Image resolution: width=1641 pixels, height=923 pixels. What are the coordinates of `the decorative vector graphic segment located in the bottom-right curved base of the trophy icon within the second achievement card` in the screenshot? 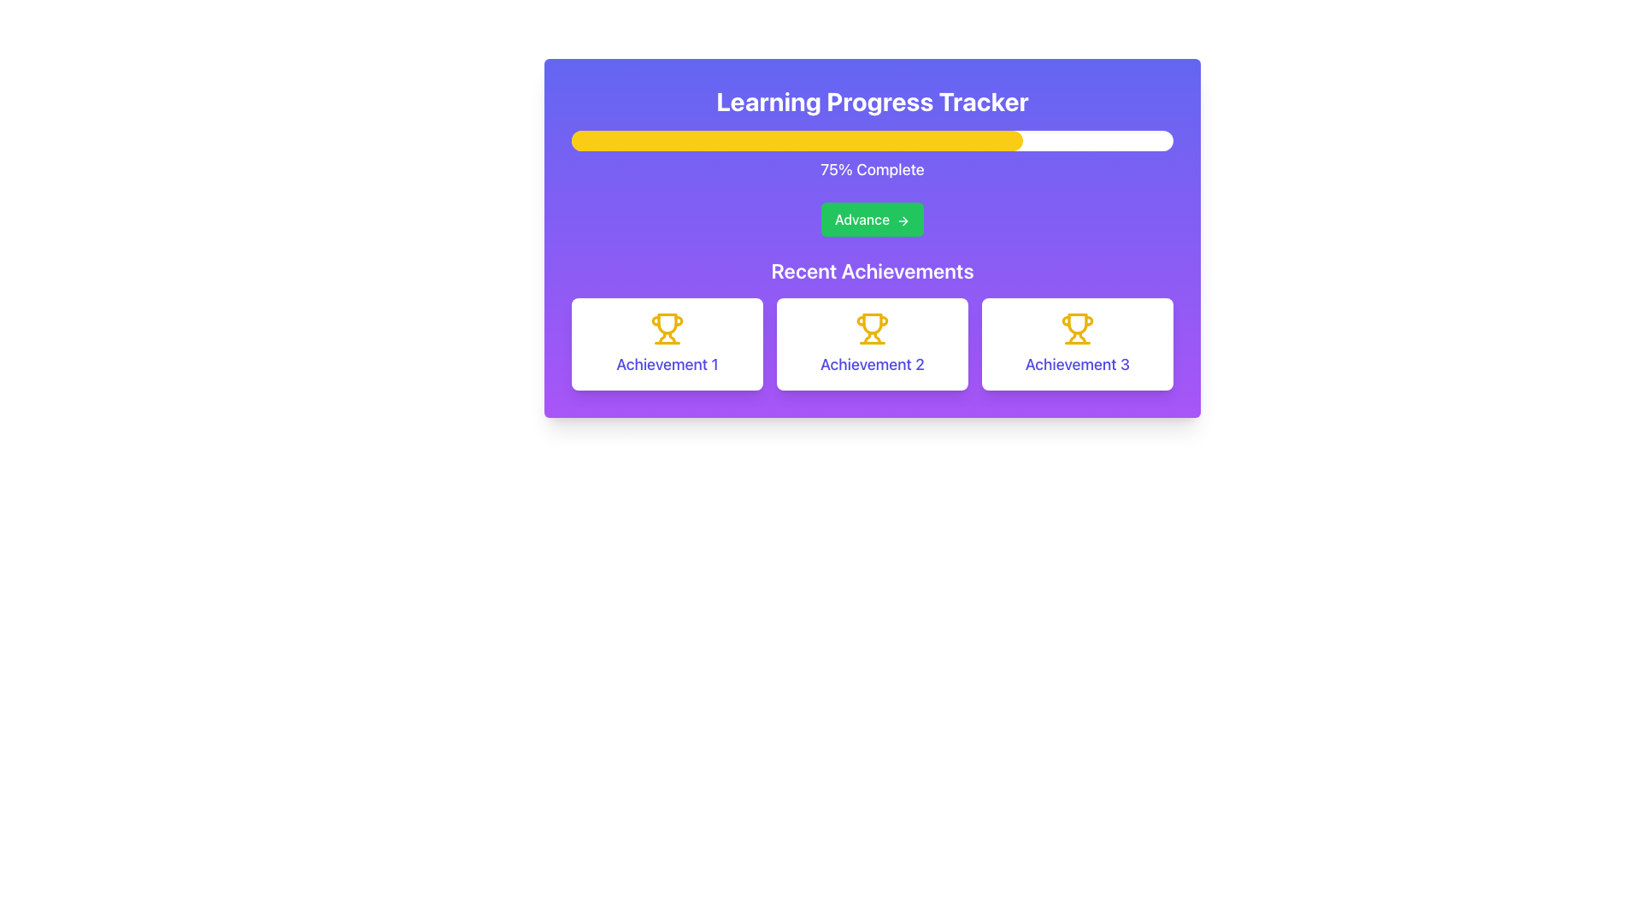 It's located at (877, 338).